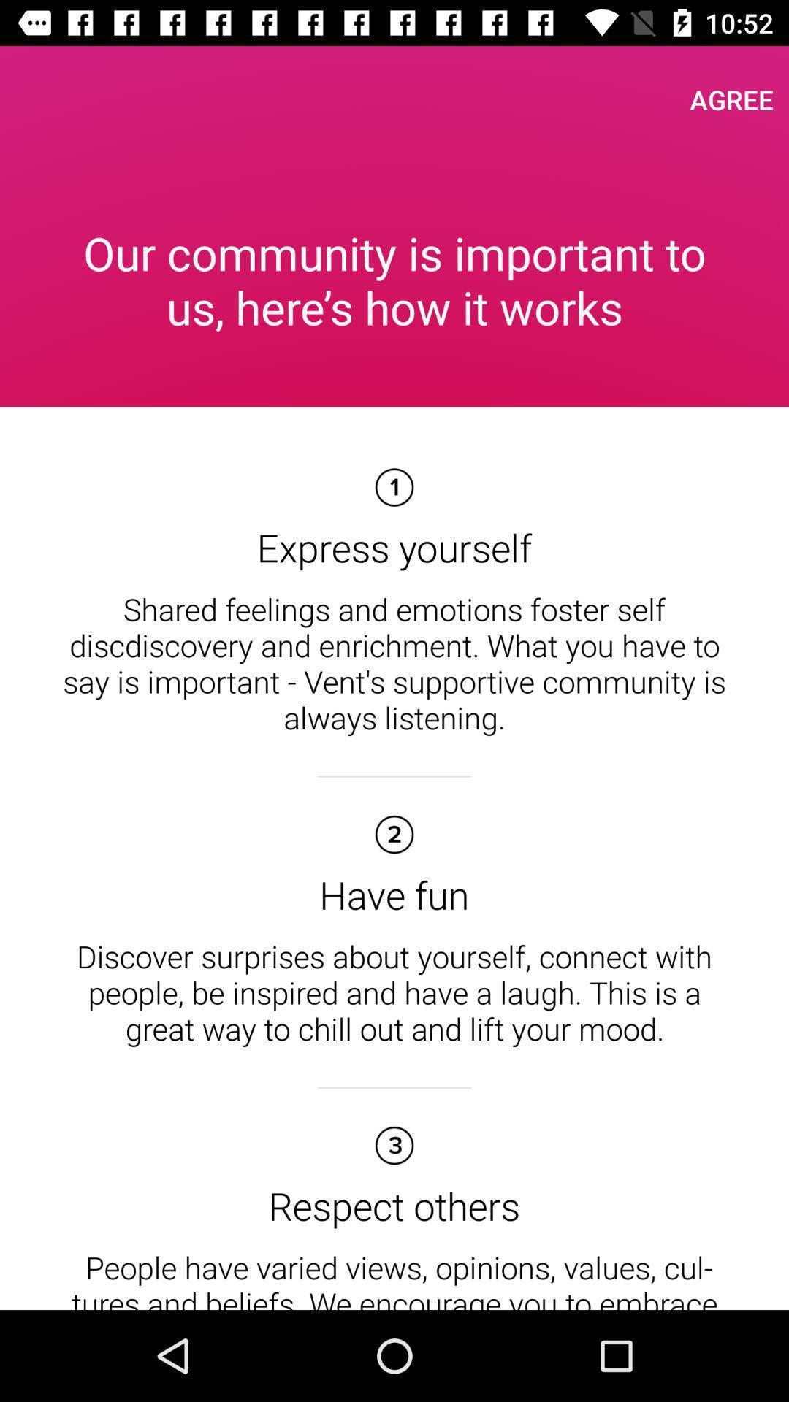  Describe the element at coordinates (731, 99) in the screenshot. I see `icon at the top right corner` at that location.